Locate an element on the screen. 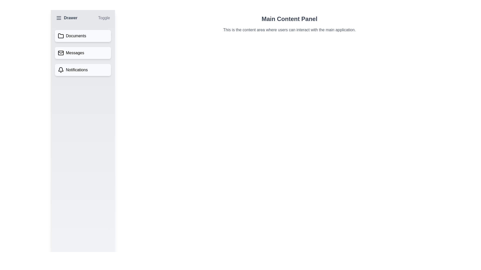 This screenshot has height=270, width=481. the Text Label that serves as a title or heading for the main content panel, positioned at the top section of the main content area is located at coordinates (289, 19).